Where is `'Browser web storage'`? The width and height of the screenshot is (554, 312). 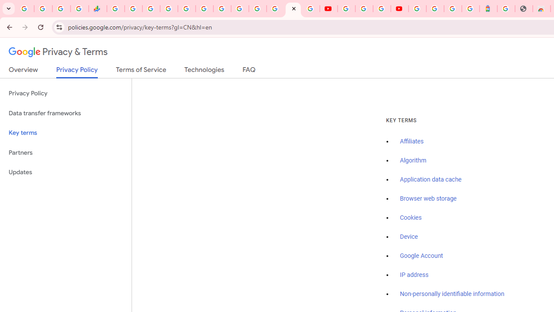 'Browser web storage' is located at coordinates (428, 198).